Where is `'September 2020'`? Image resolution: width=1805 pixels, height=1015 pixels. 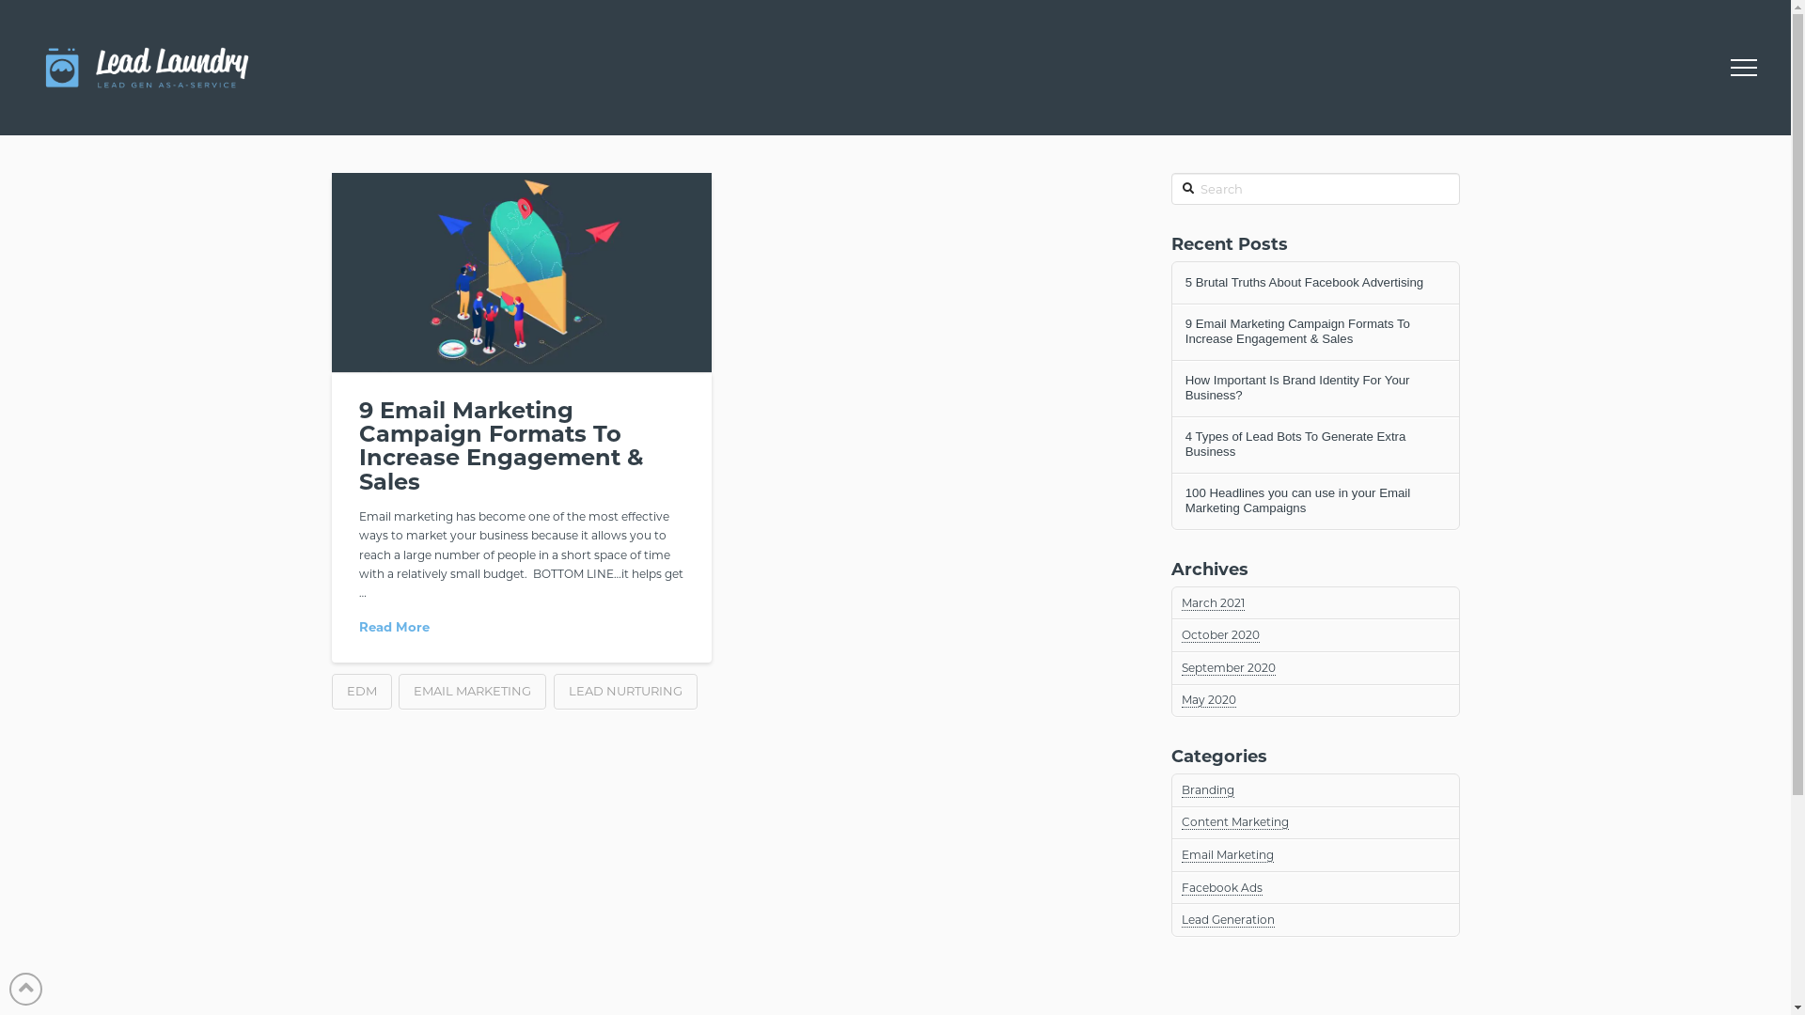
'September 2020' is located at coordinates (1228, 666).